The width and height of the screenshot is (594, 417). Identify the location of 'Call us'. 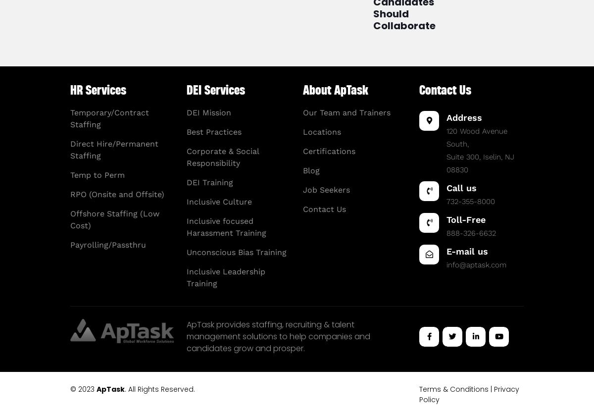
(461, 187).